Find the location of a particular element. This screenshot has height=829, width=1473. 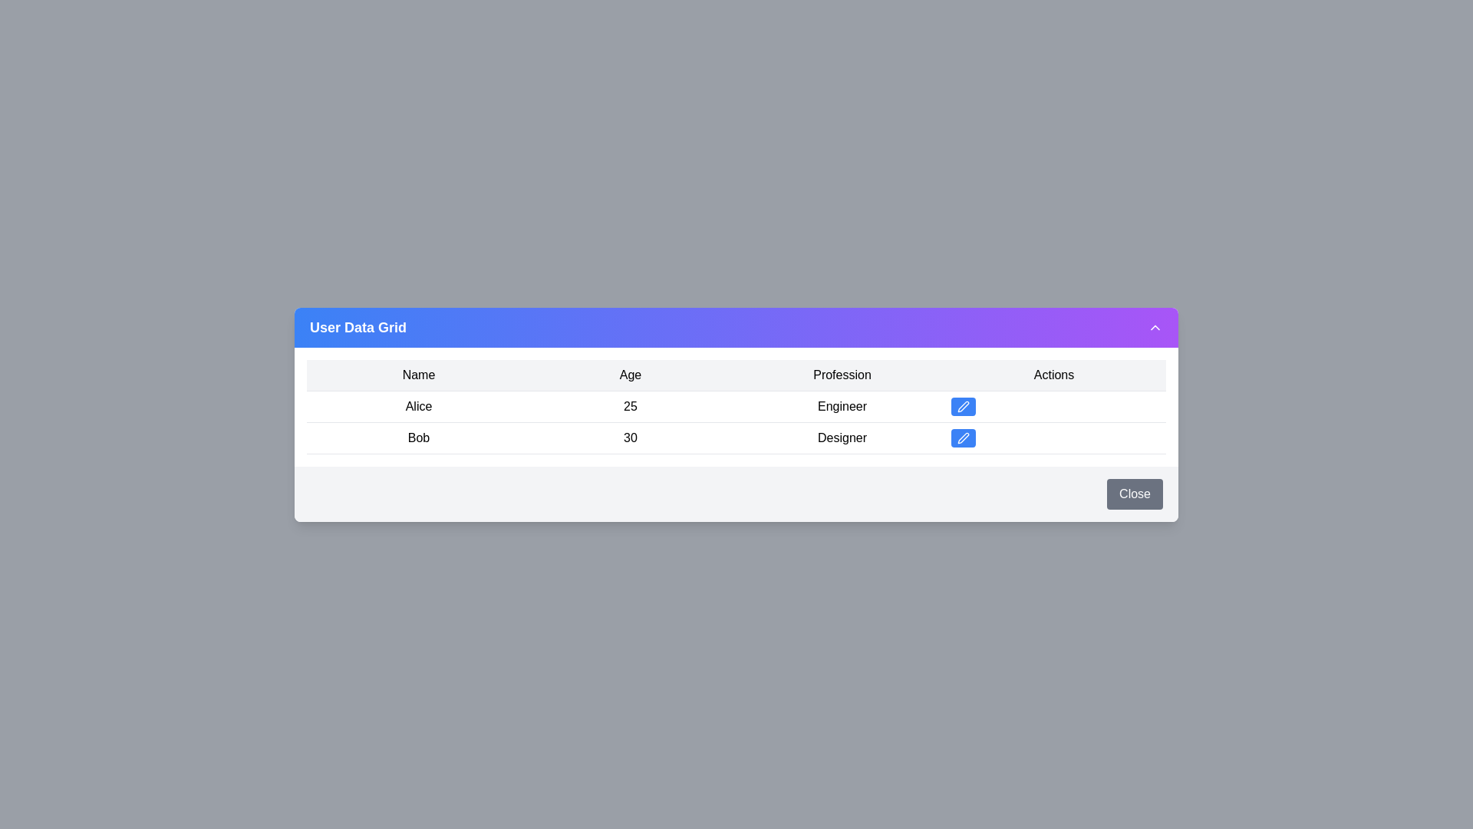

the text label displaying the name 'Alice' located in the 'Name' column of the data grid is located at coordinates (419, 405).